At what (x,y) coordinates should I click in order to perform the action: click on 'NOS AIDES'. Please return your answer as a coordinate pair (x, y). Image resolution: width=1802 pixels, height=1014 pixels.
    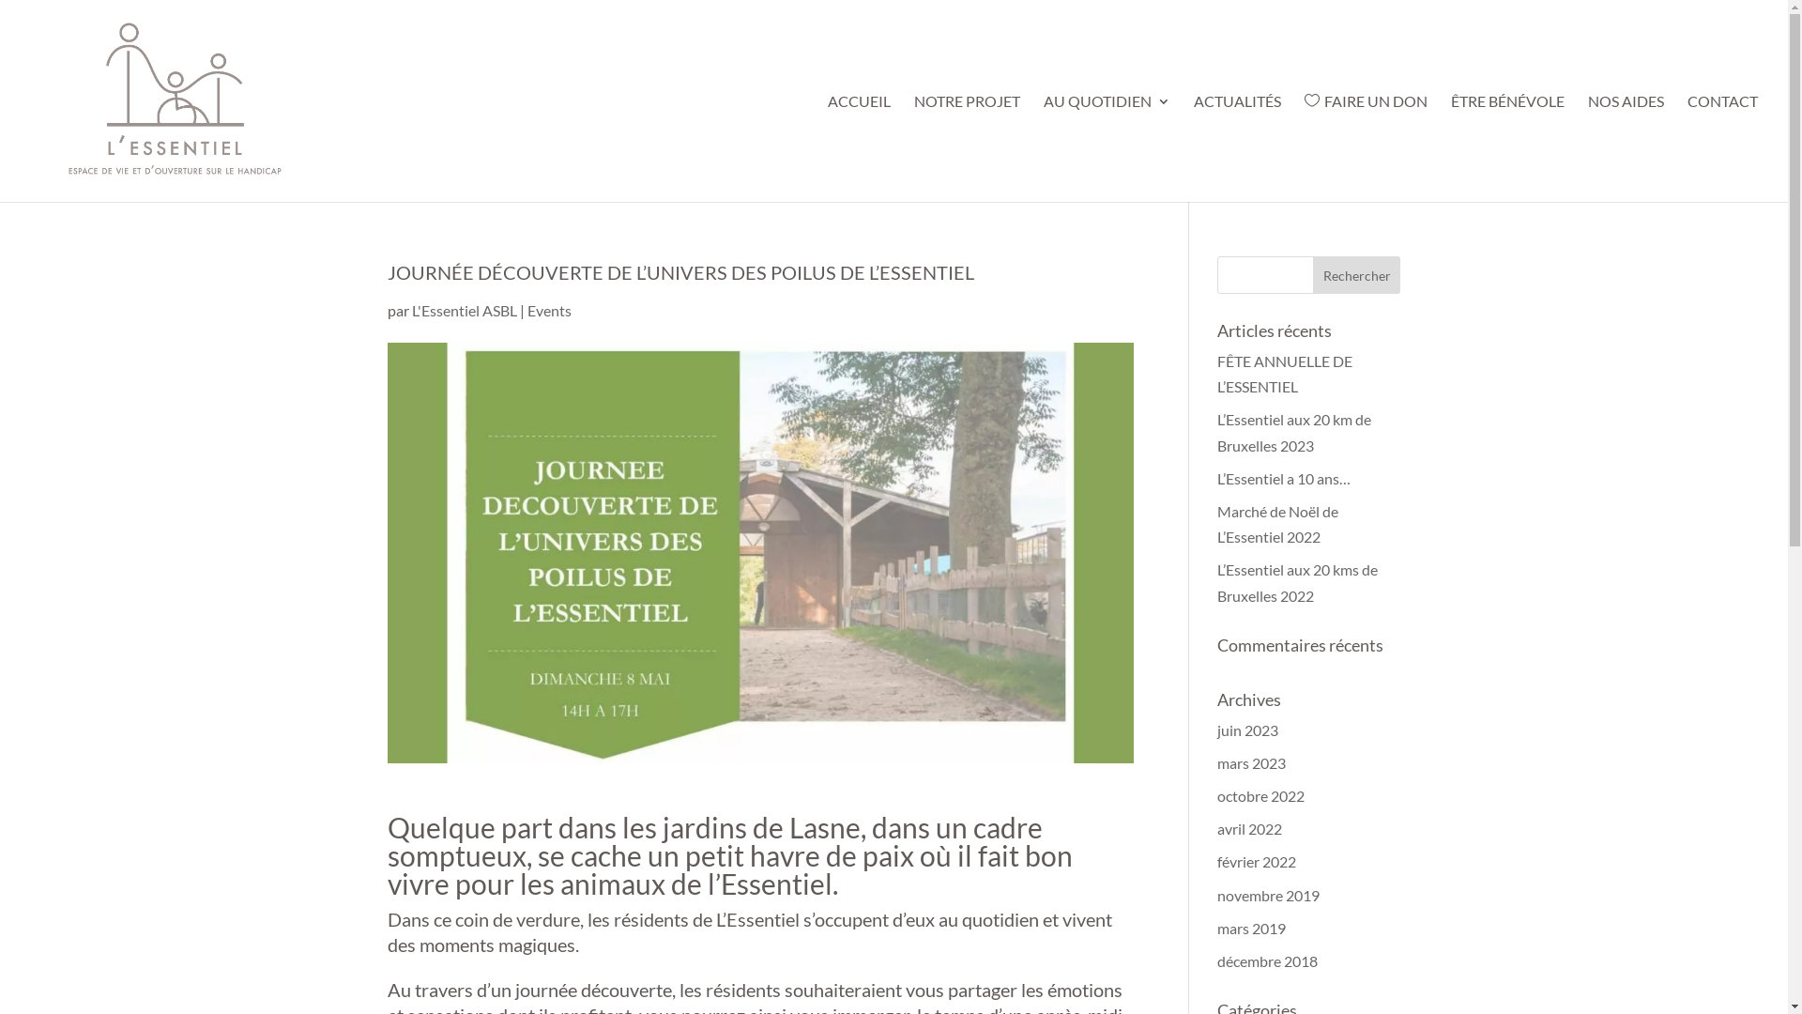
    Looking at the image, I should click on (1625, 147).